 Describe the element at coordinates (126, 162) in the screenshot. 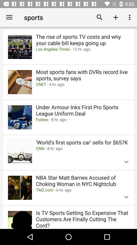

I see `the expand_more icon` at that location.